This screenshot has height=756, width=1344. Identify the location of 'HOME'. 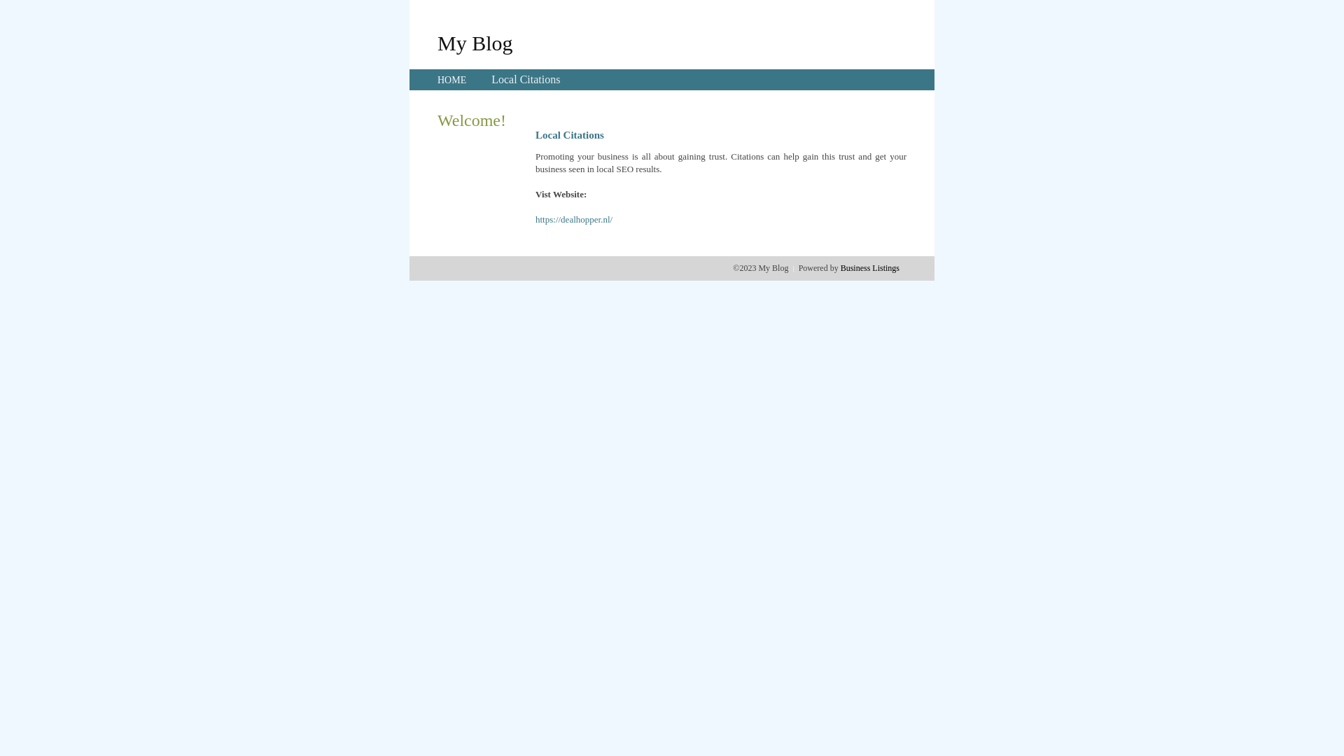
(451, 80).